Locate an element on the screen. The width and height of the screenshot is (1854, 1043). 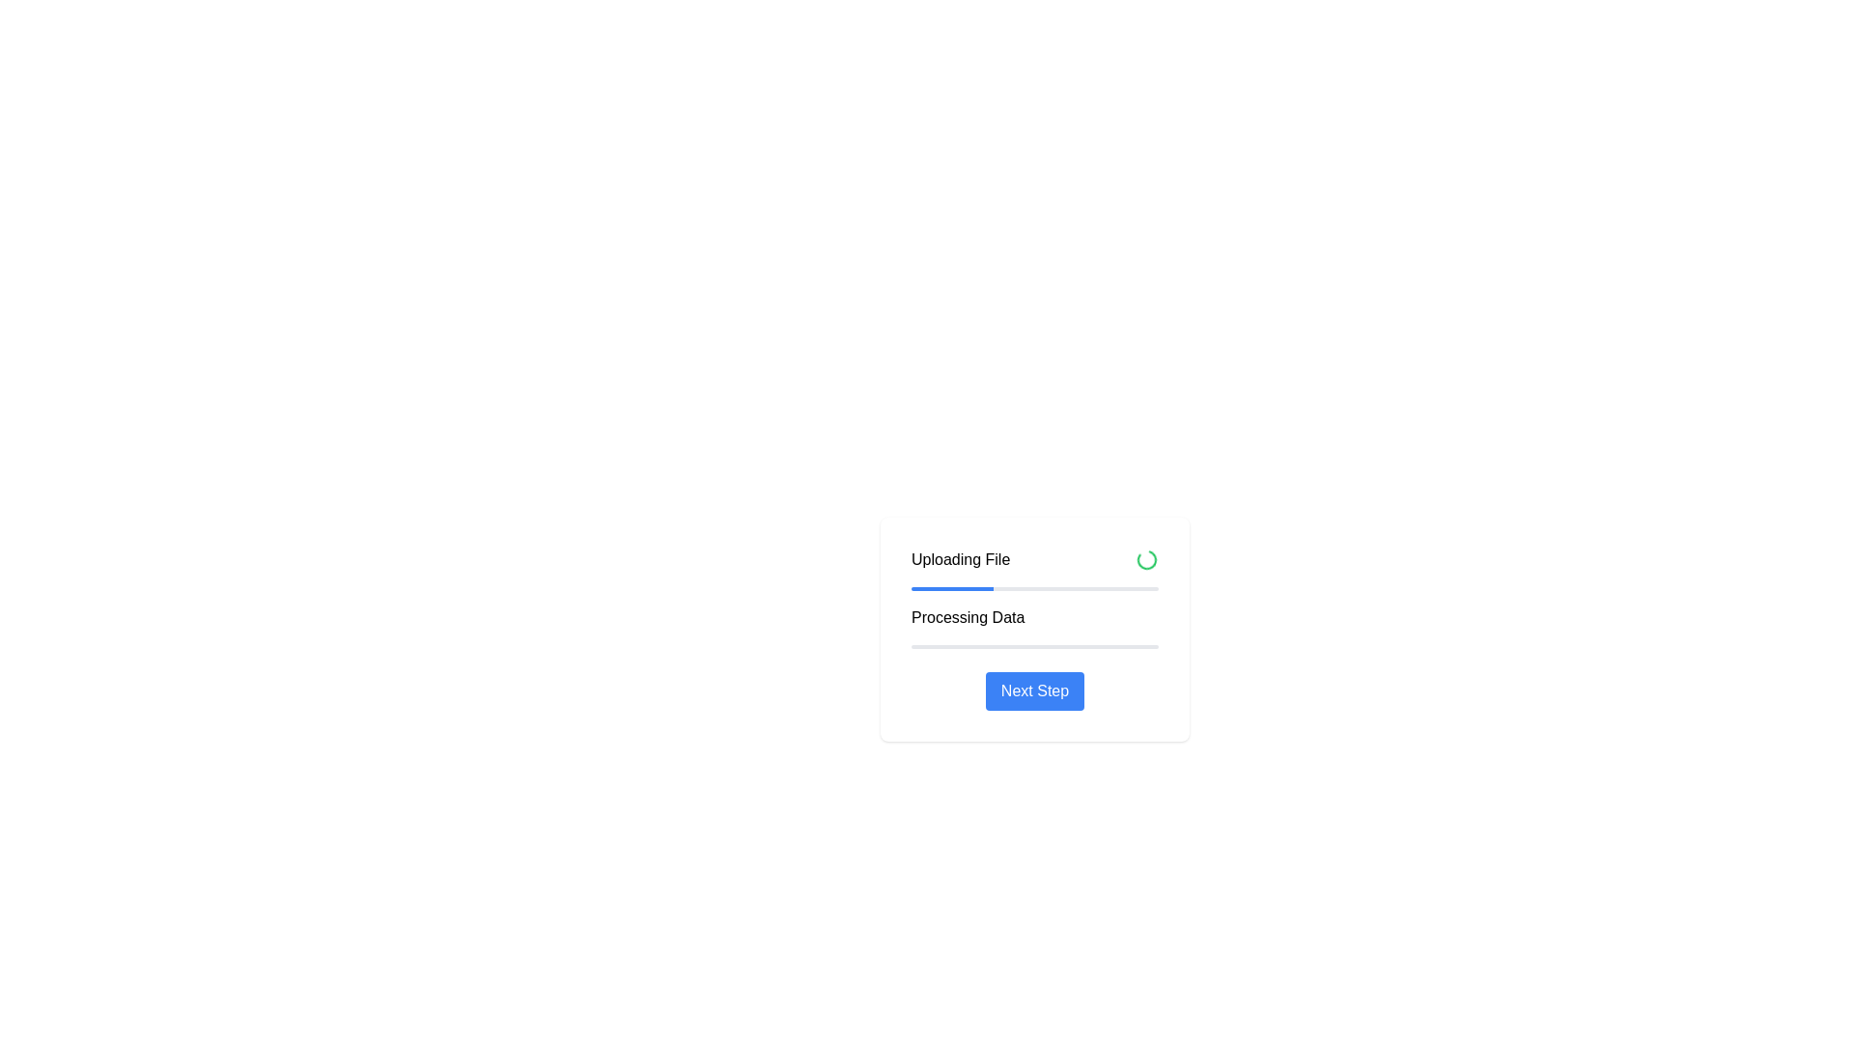
the progress bar segment indicating the upload progress located below the text 'Uploading File' is located at coordinates (952, 587).